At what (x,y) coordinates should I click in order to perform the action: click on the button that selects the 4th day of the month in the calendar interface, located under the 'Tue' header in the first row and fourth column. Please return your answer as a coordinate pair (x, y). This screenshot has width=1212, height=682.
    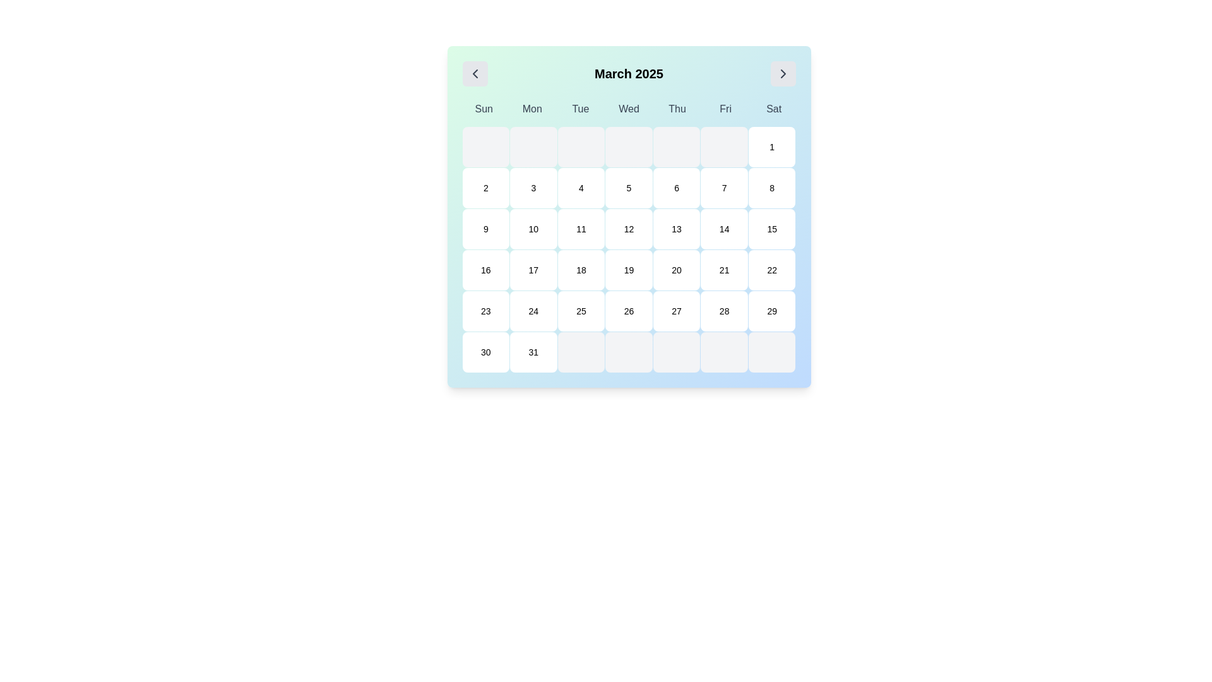
    Looking at the image, I should click on (580, 188).